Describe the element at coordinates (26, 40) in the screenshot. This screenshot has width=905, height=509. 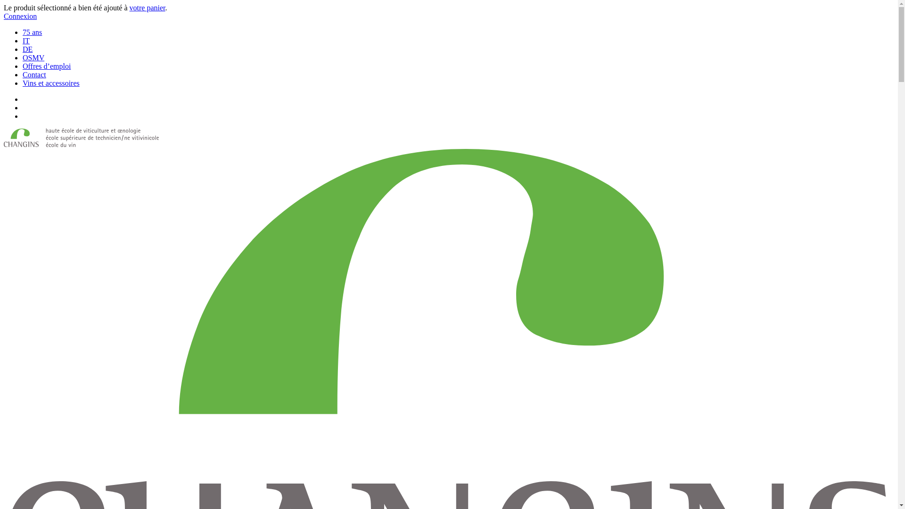
I see `'IT'` at that location.